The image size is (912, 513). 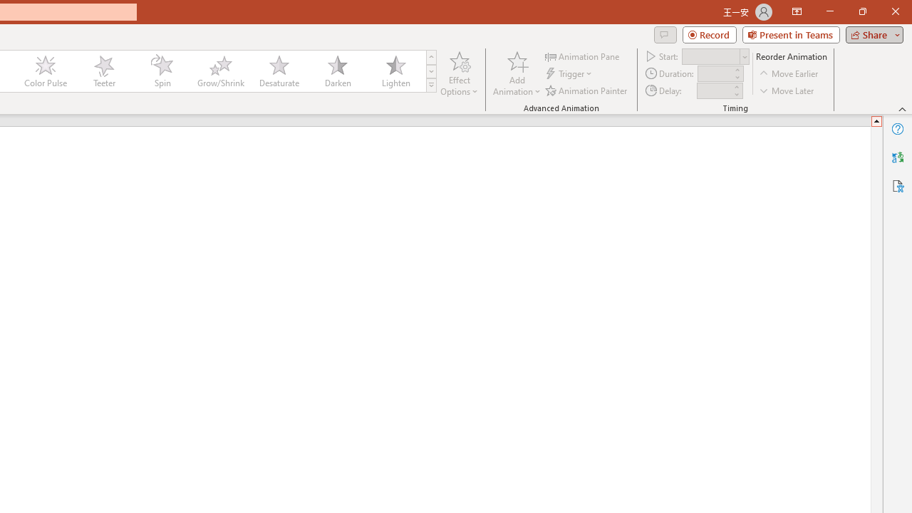 What do you see at coordinates (587, 90) in the screenshot?
I see `'Animation Painter'` at bounding box center [587, 90].